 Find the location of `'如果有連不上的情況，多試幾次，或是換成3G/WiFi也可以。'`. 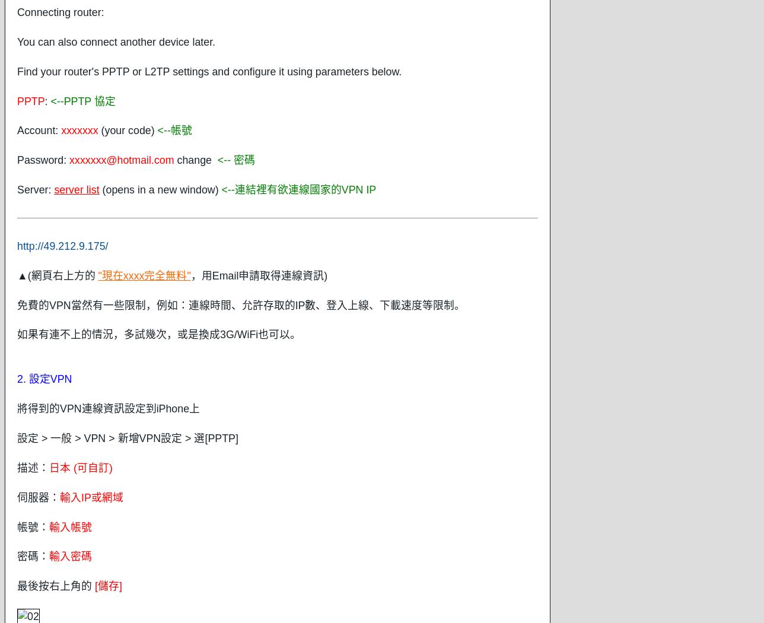

'如果有連不上的情況，多試幾次，或是換成3G/WiFi也可以。' is located at coordinates (159, 333).